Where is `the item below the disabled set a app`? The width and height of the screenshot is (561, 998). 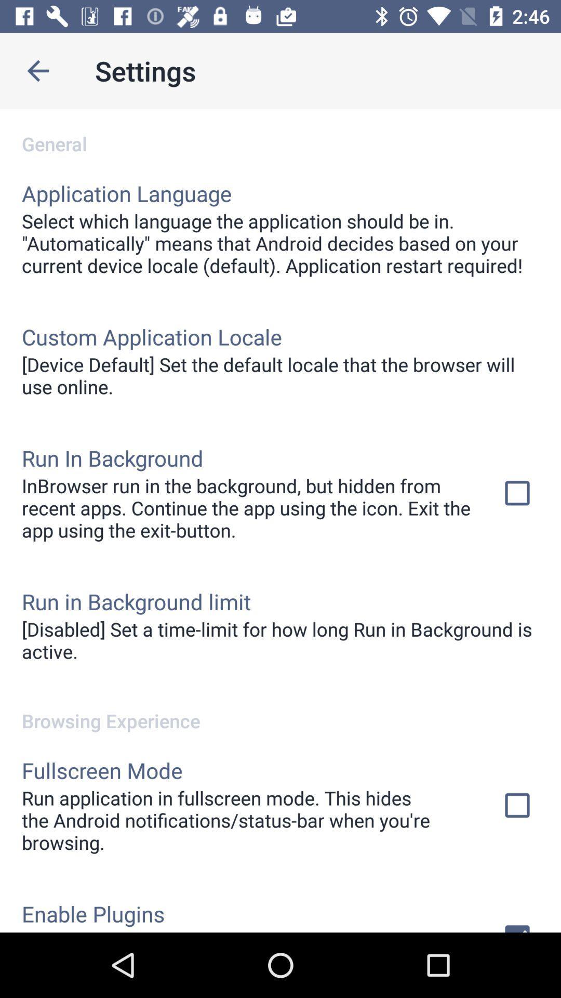 the item below the disabled set a app is located at coordinates (280, 709).